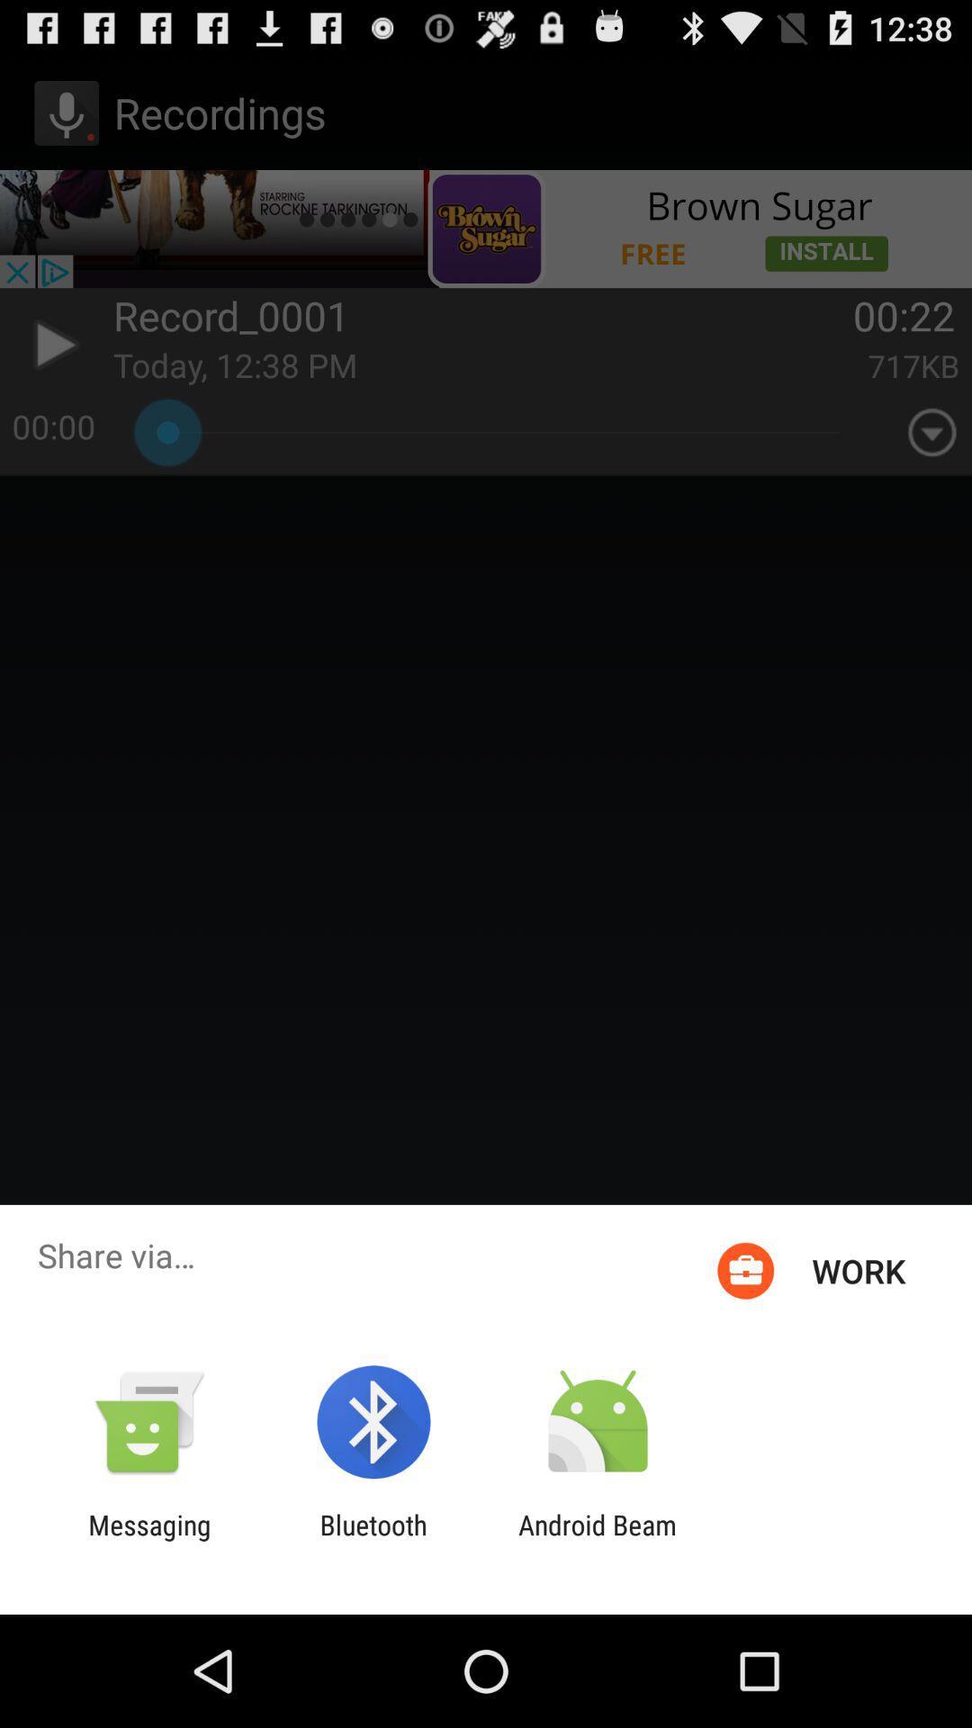 Image resolution: width=972 pixels, height=1728 pixels. What do you see at coordinates (148, 1540) in the screenshot?
I see `the app next to the bluetooth` at bounding box center [148, 1540].